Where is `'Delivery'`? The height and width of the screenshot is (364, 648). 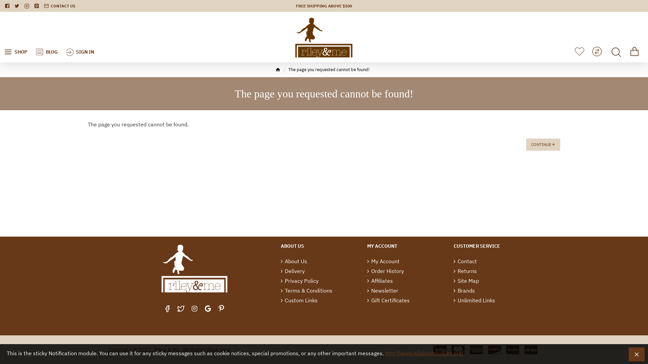 'Delivery' is located at coordinates (293, 271).